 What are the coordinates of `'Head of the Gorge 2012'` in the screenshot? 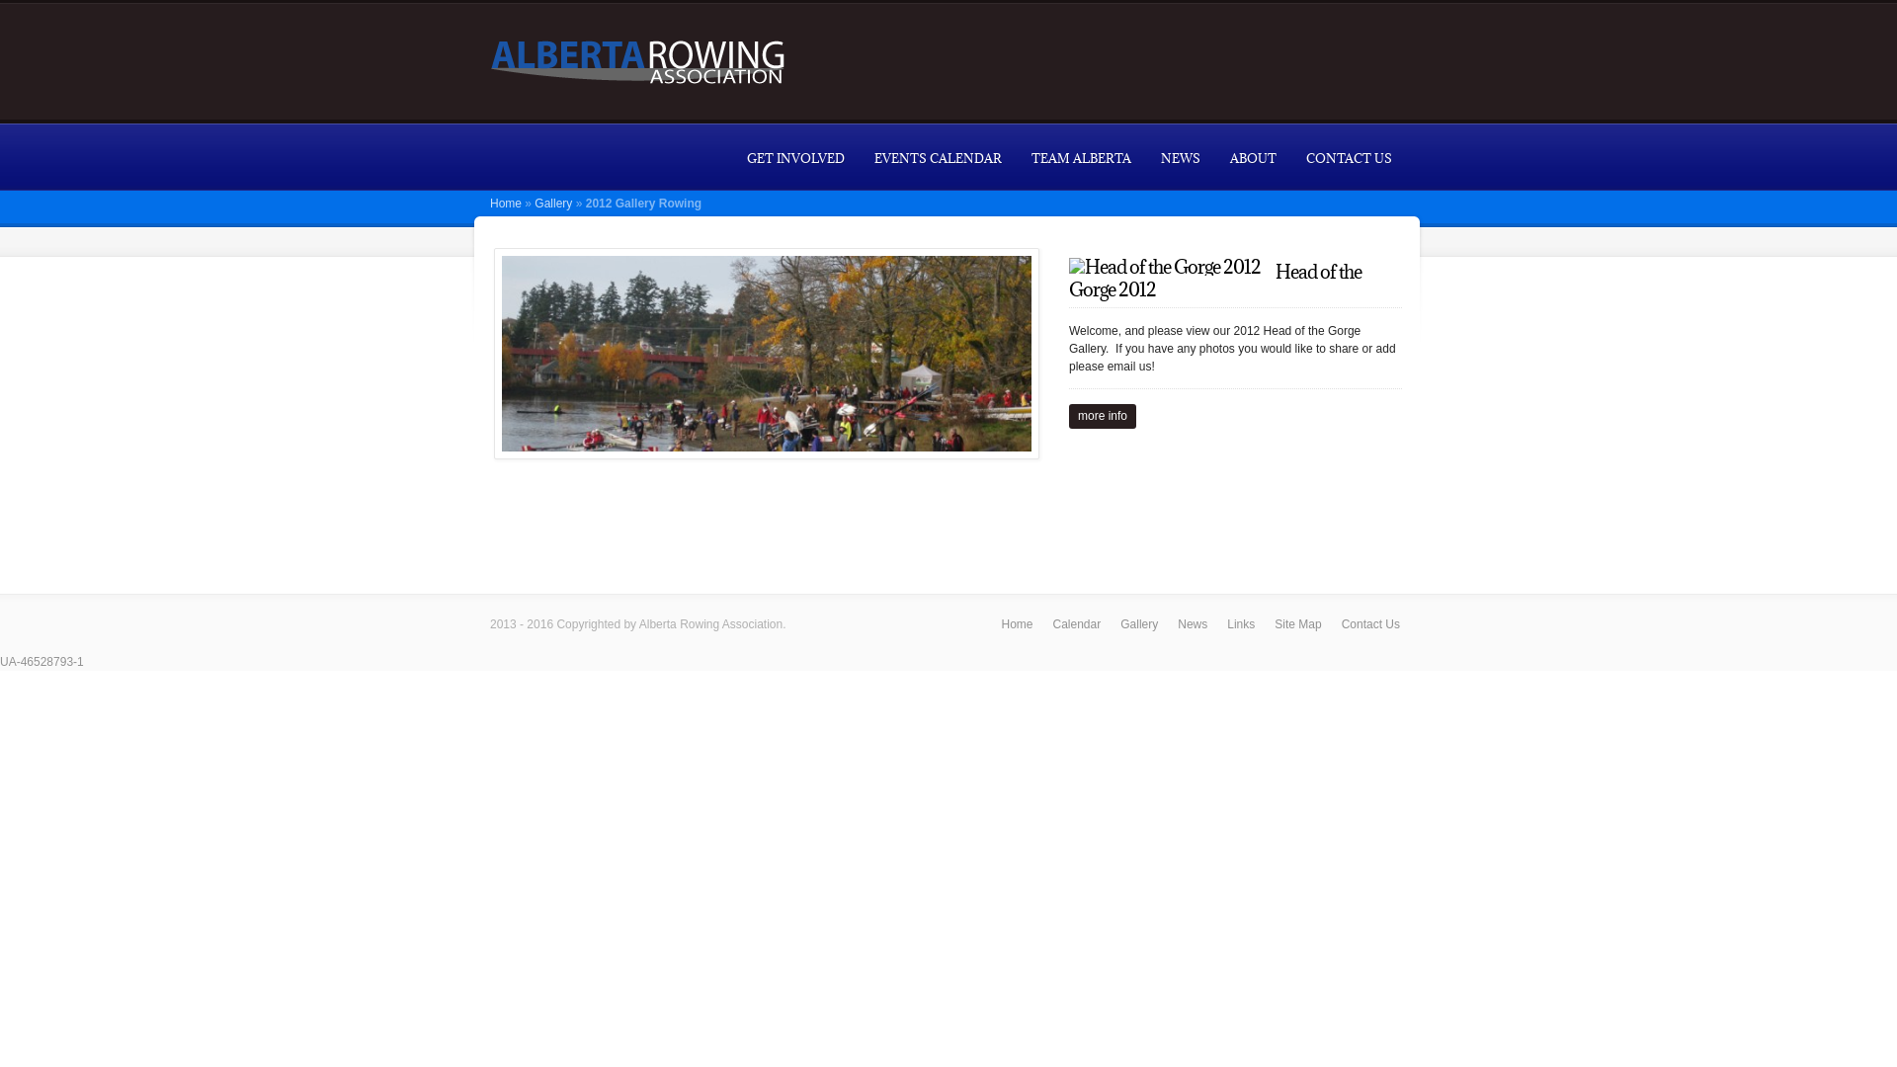 It's located at (1213, 281).